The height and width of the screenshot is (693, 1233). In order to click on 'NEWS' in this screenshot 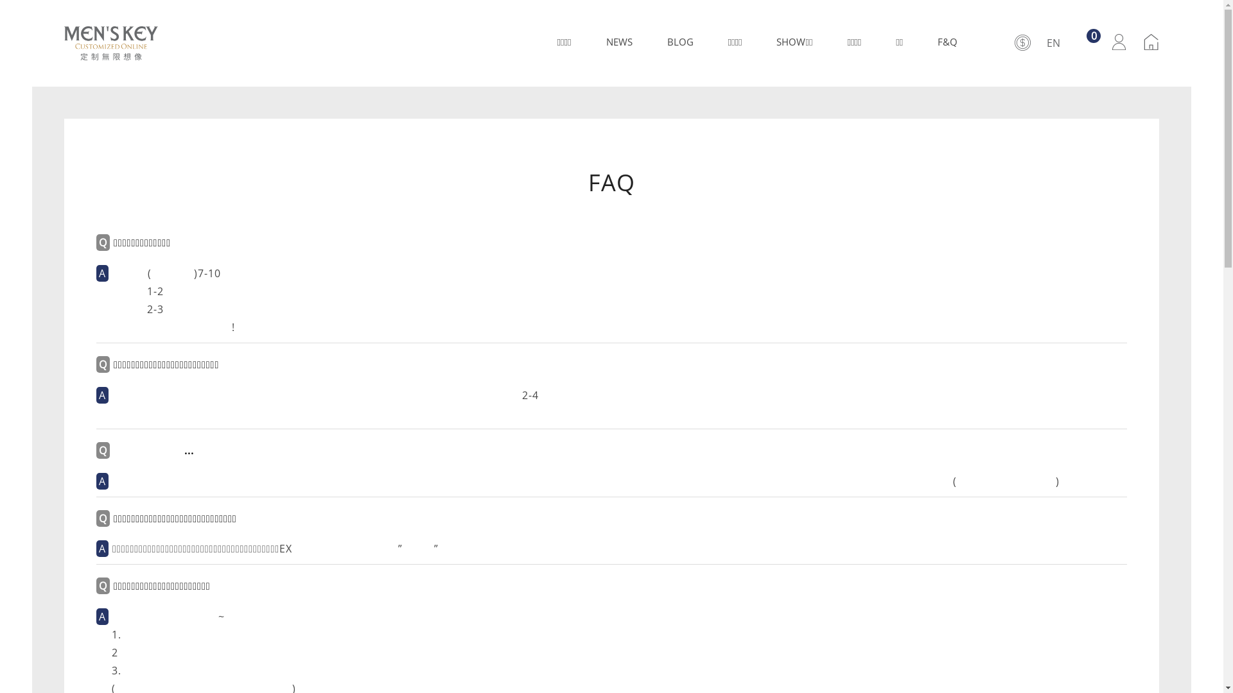, I will do `click(619, 41)`.